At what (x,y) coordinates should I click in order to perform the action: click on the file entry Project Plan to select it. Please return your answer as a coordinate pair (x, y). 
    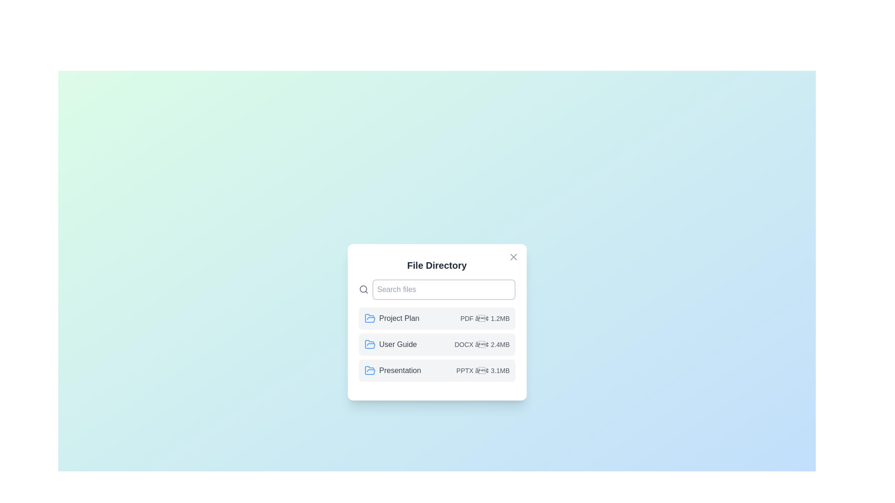
    Looking at the image, I should click on (436, 318).